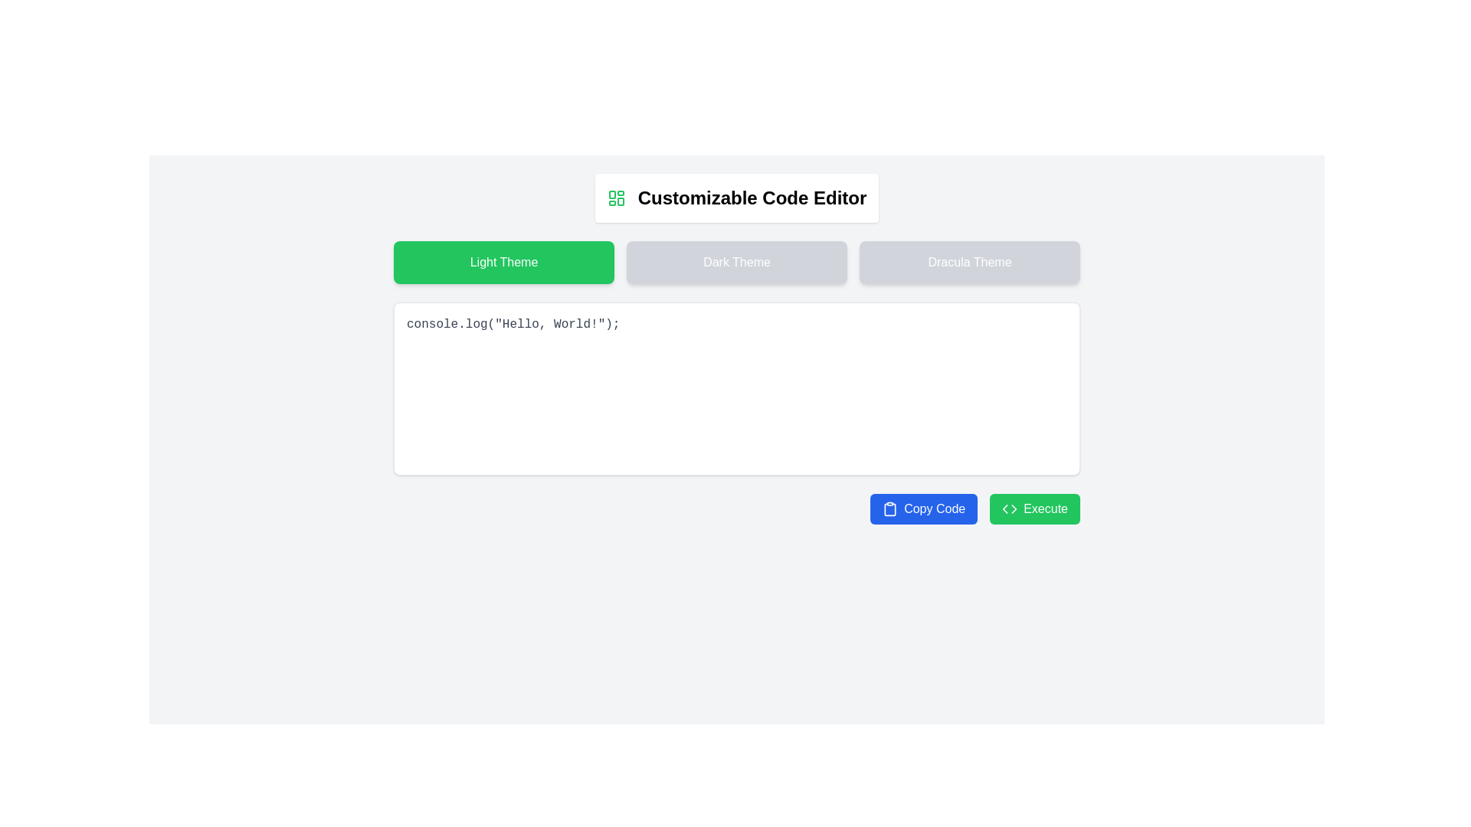 This screenshot has height=827, width=1471. What do you see at coordinates (1010, 508) in the screenshot?
I see `the SVG icon located to the left of the label text within the 'Execute' button to interact with the button` at bounding box center [1010, 508].